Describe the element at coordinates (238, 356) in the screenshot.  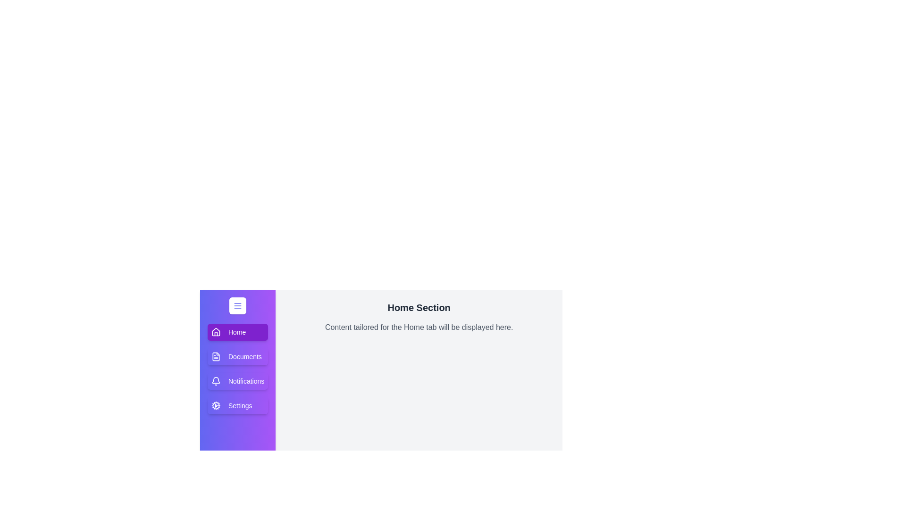
I see `the tab labeled Documents` at that location.